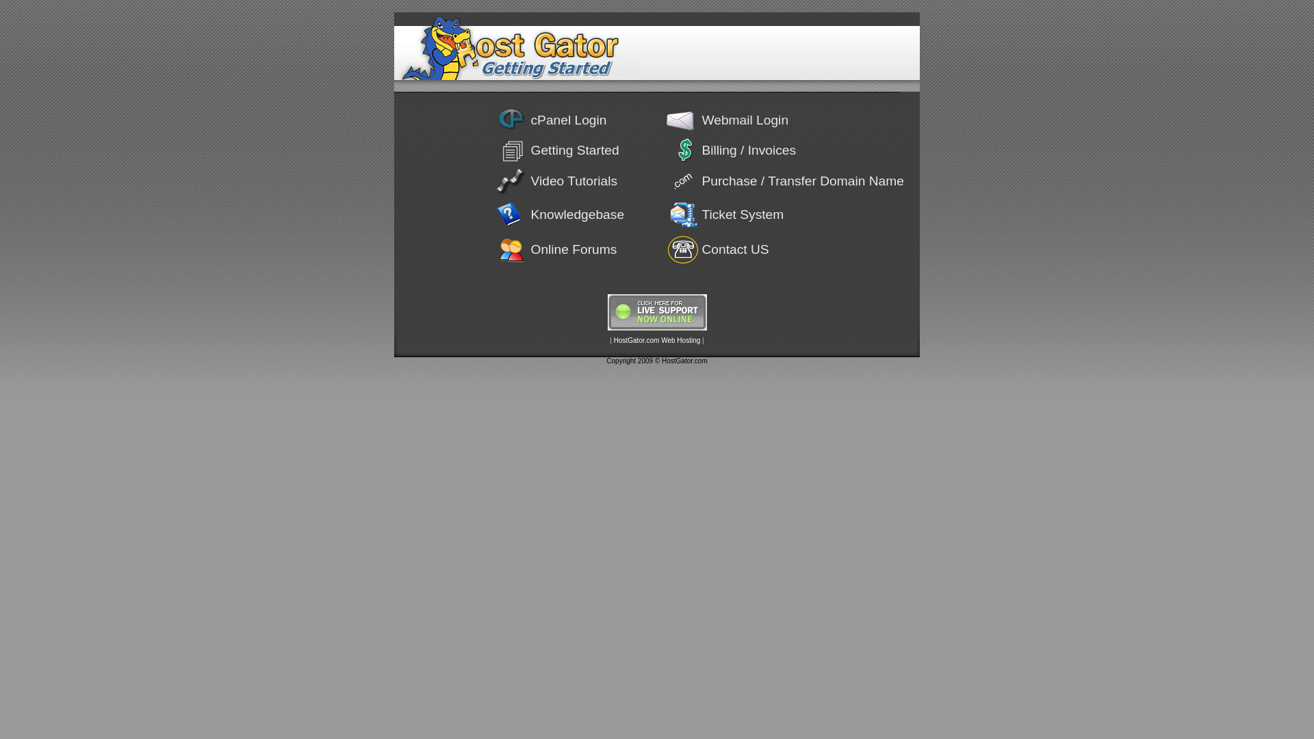 The image size is (1314, 739). Describe the element at coordinates (748, 150) in the screenshot. I see `'Billing / Invoices'` at that location.